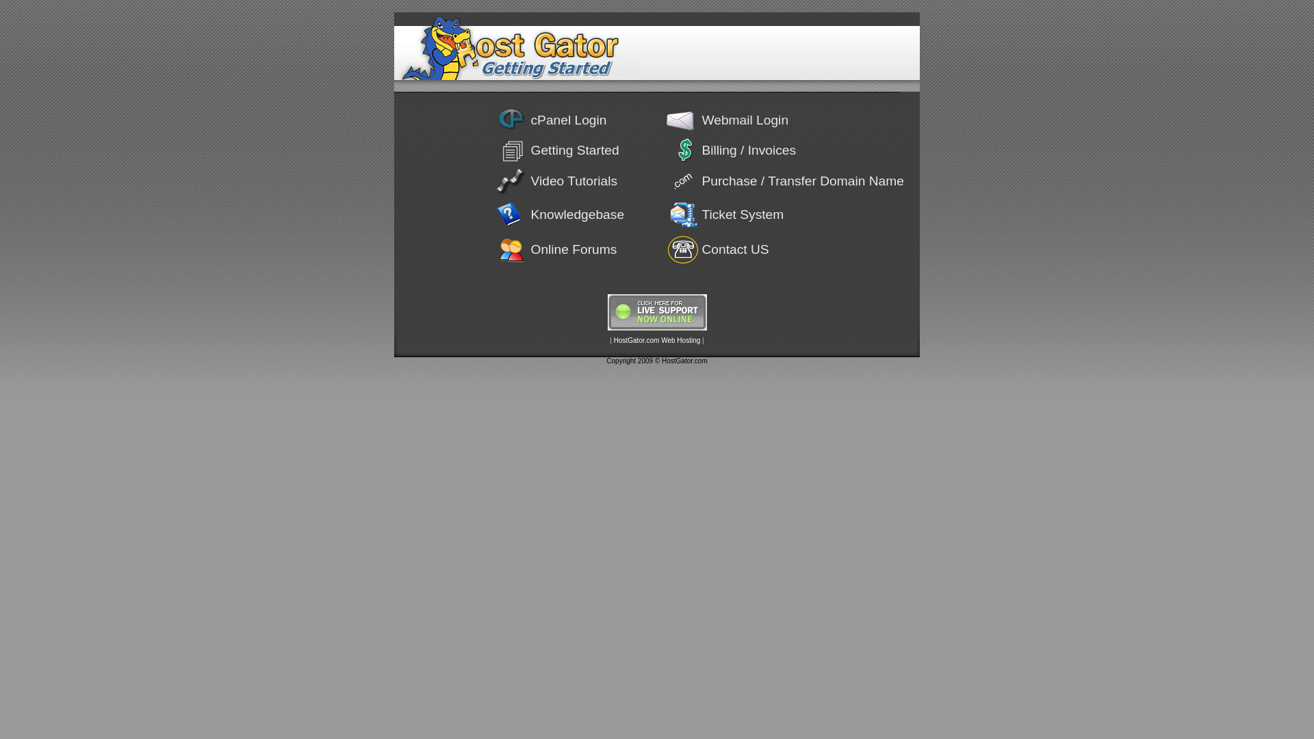 The image size is (1314, 739). Describe the element at coordinates (748, 150) in the screenshot. I see `'Billing / Invoices'` at that location.